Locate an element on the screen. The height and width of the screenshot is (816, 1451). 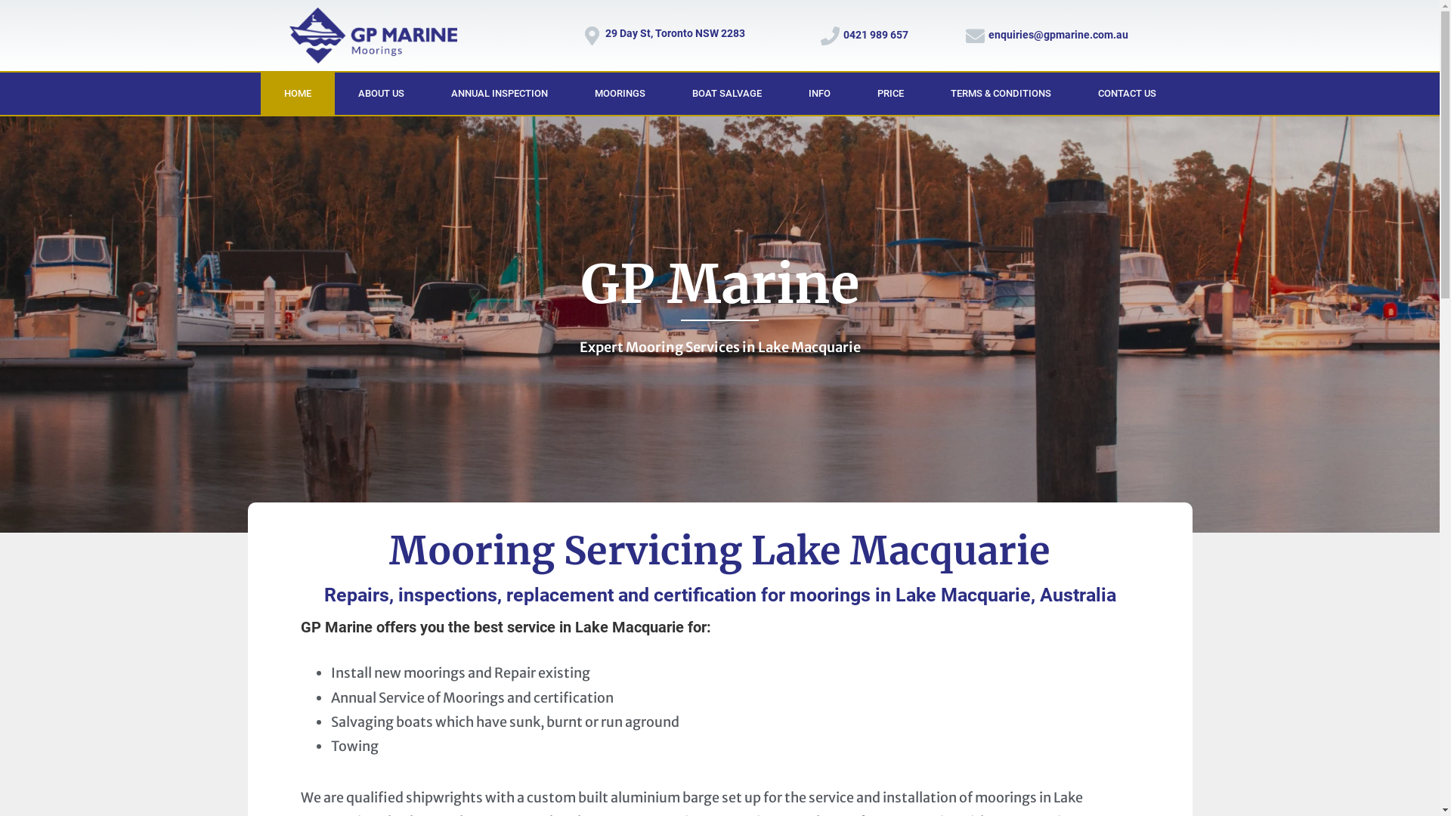
'TERMS & CONDITIONS' is located at coordinates (1000, 93).